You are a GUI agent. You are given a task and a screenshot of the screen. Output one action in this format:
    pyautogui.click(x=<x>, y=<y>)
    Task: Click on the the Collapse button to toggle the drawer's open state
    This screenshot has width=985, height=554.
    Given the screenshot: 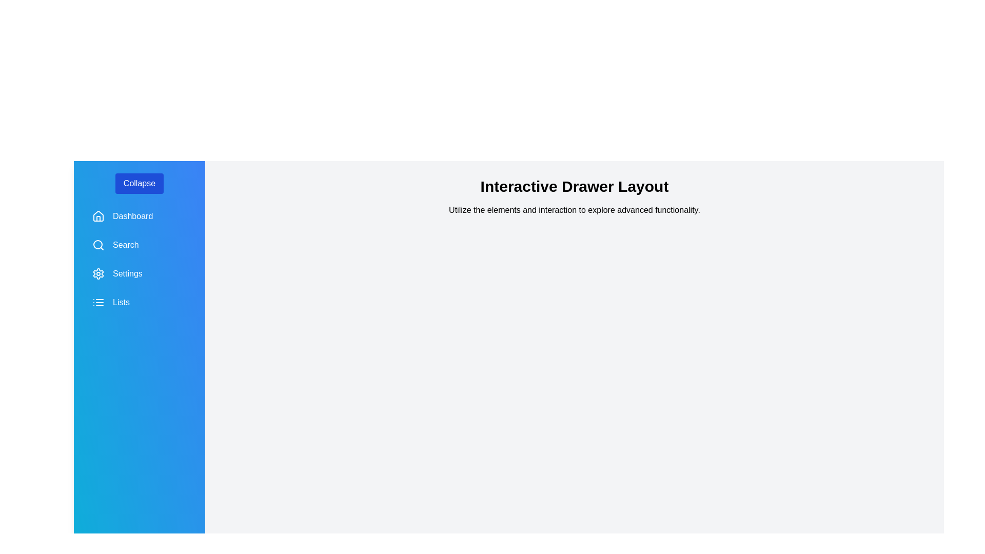 What is the action you would take?
    pyautogui.click(x=139, y=183)
    